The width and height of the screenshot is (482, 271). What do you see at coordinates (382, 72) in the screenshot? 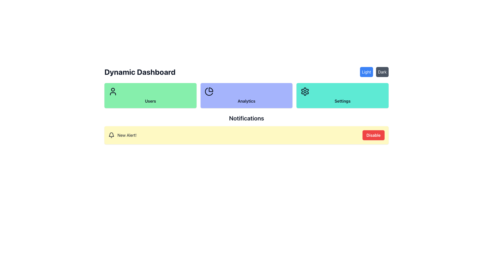
I see `the second button in the upper right area of the layout` at bounding box center [382, 72].